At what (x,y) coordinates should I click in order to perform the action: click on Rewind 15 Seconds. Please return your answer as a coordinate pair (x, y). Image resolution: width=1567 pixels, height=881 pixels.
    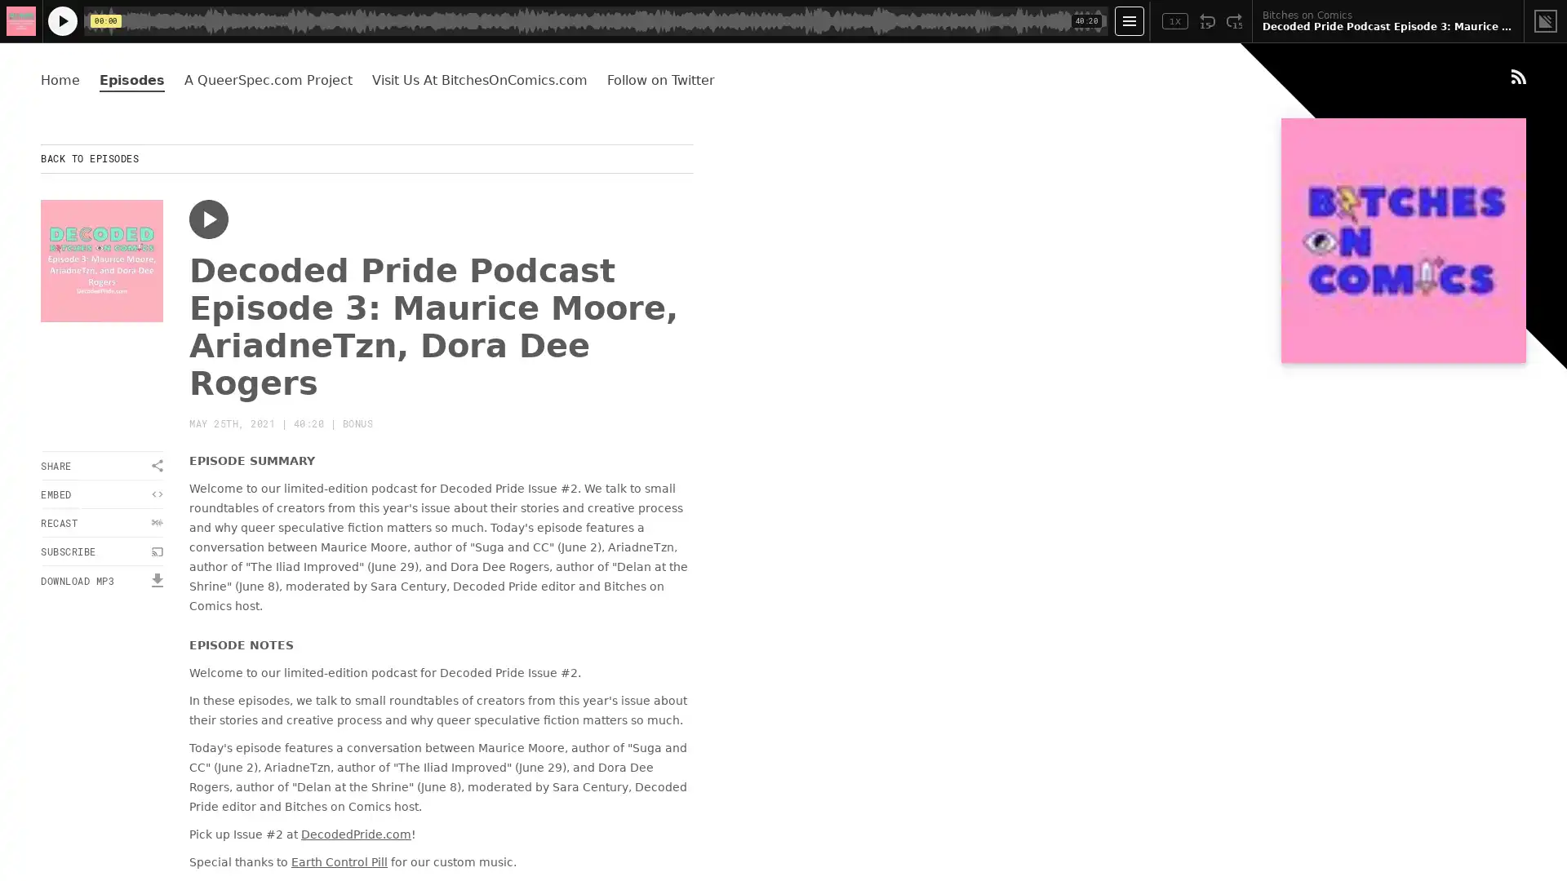
    Looking at the image, I should click on (1207, 21).